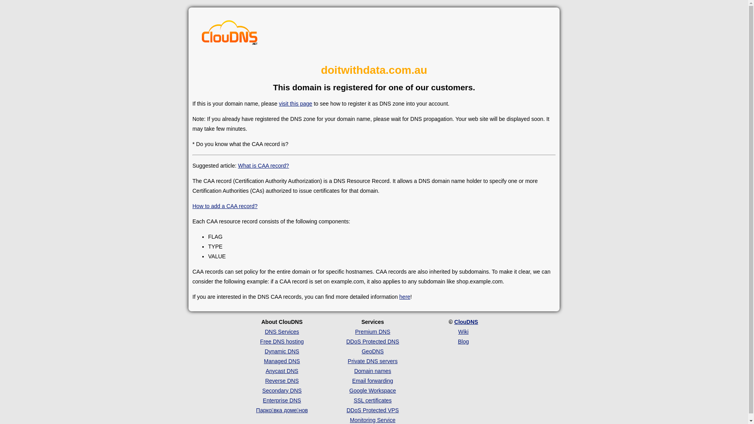 This screenshot has width=754, height=424. What do you see at coordinates (346, 341) in the screenshot?
I see `'DDoS Protected DNS'` at bounding box center [346, 341].